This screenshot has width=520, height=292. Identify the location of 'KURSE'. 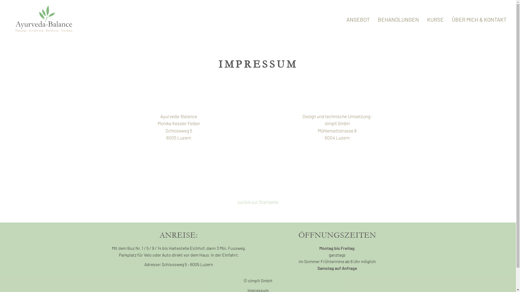
(435, 19).